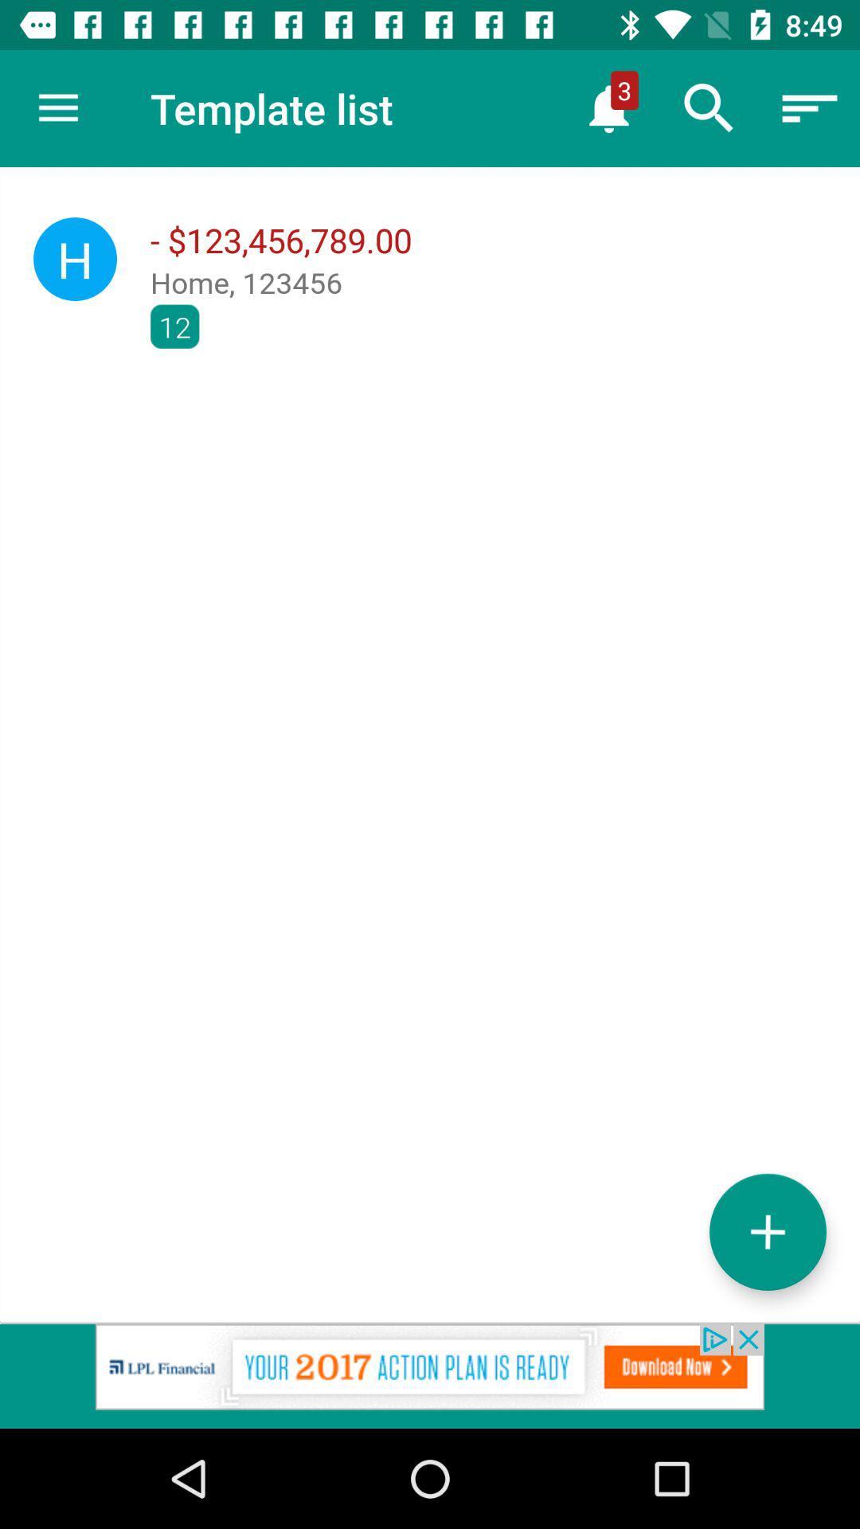  What do you see at coordinates (430, 1375) in the screenshot?
I see `open advertisement` at bounding box center [430, 1375].